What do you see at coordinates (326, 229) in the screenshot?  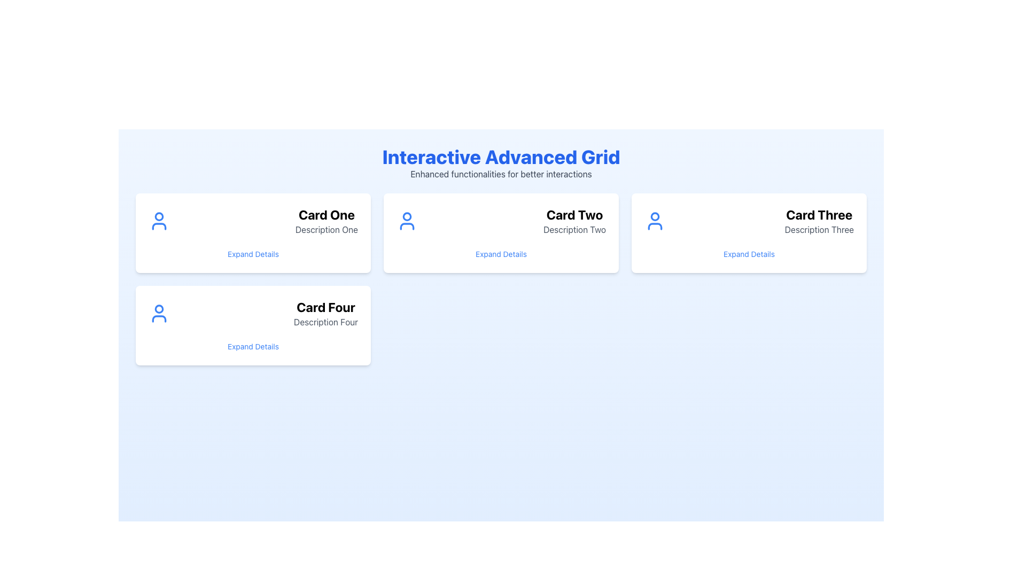 I see `the text label 'Description One' styled in gray color, located beneath the 'Card One' title` at bounding box center [326, 229].